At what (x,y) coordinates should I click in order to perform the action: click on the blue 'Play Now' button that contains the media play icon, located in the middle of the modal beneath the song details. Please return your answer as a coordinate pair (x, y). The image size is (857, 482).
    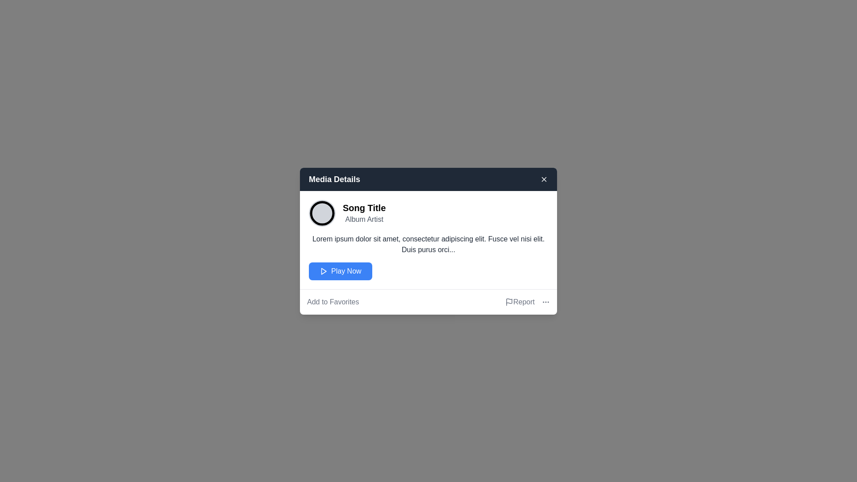
    Looking at the image, I should click on (323, 270).